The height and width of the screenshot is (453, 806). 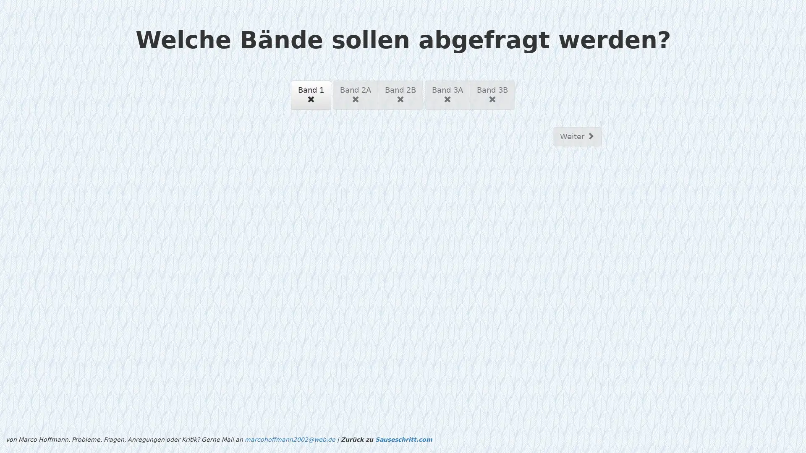 What do you see at coordinates (400, 95) in the screenshot?
I see `Band 2B` at bounding box center [400, 95].